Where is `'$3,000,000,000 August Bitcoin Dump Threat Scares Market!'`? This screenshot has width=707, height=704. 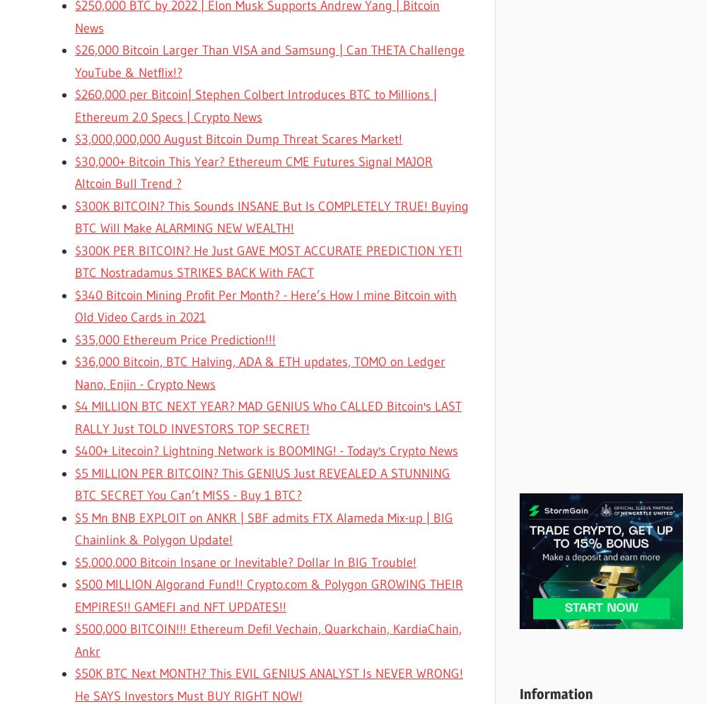
'$3,000,000,000 August Bitcoin Dump Threat Scares Market!' is located at coordinates (238, 139).